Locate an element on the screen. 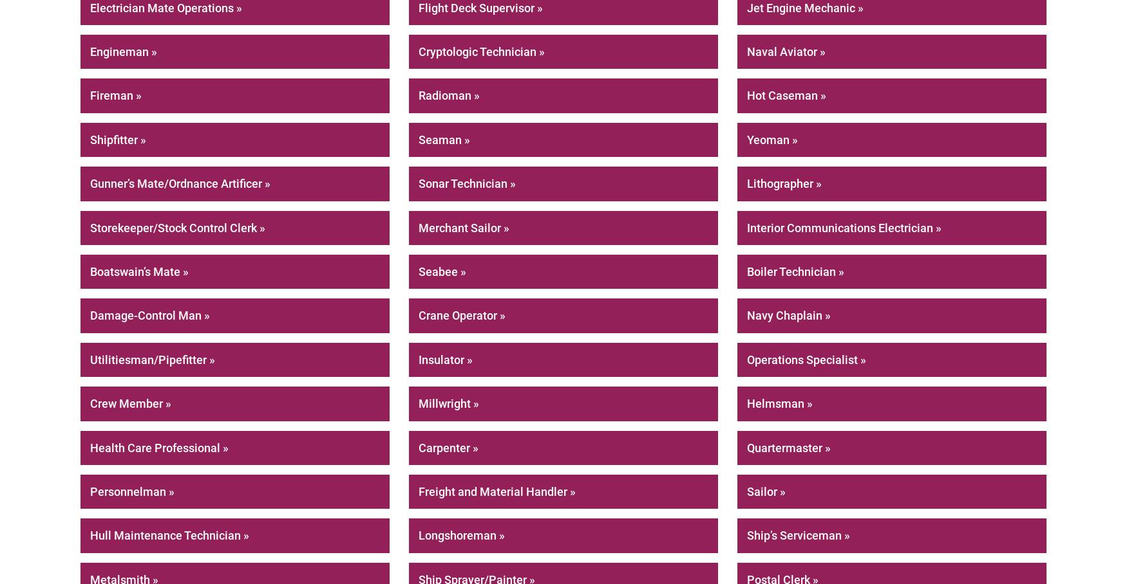 This screenshot has width=1127, height=584. 'Quartermaster »' is located at coordinates (789, 446).